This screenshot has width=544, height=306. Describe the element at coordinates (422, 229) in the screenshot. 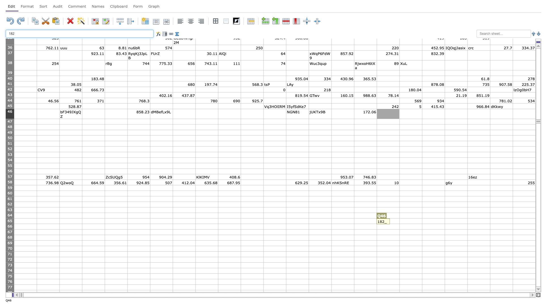

I see `Series fill point of cell R66` at that location.